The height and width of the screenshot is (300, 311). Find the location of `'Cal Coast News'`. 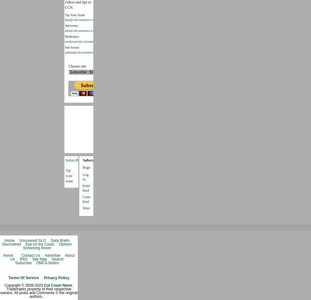

'Cal Coast News' is located at coordinates (58, 284).